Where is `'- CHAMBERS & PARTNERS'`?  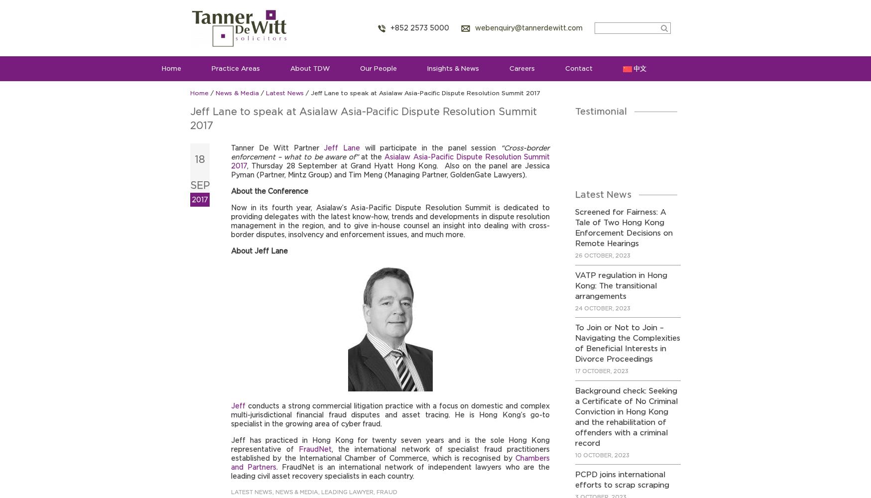
'- CHAMBERS & PARTNERS' is located at coordinates (616, 174).